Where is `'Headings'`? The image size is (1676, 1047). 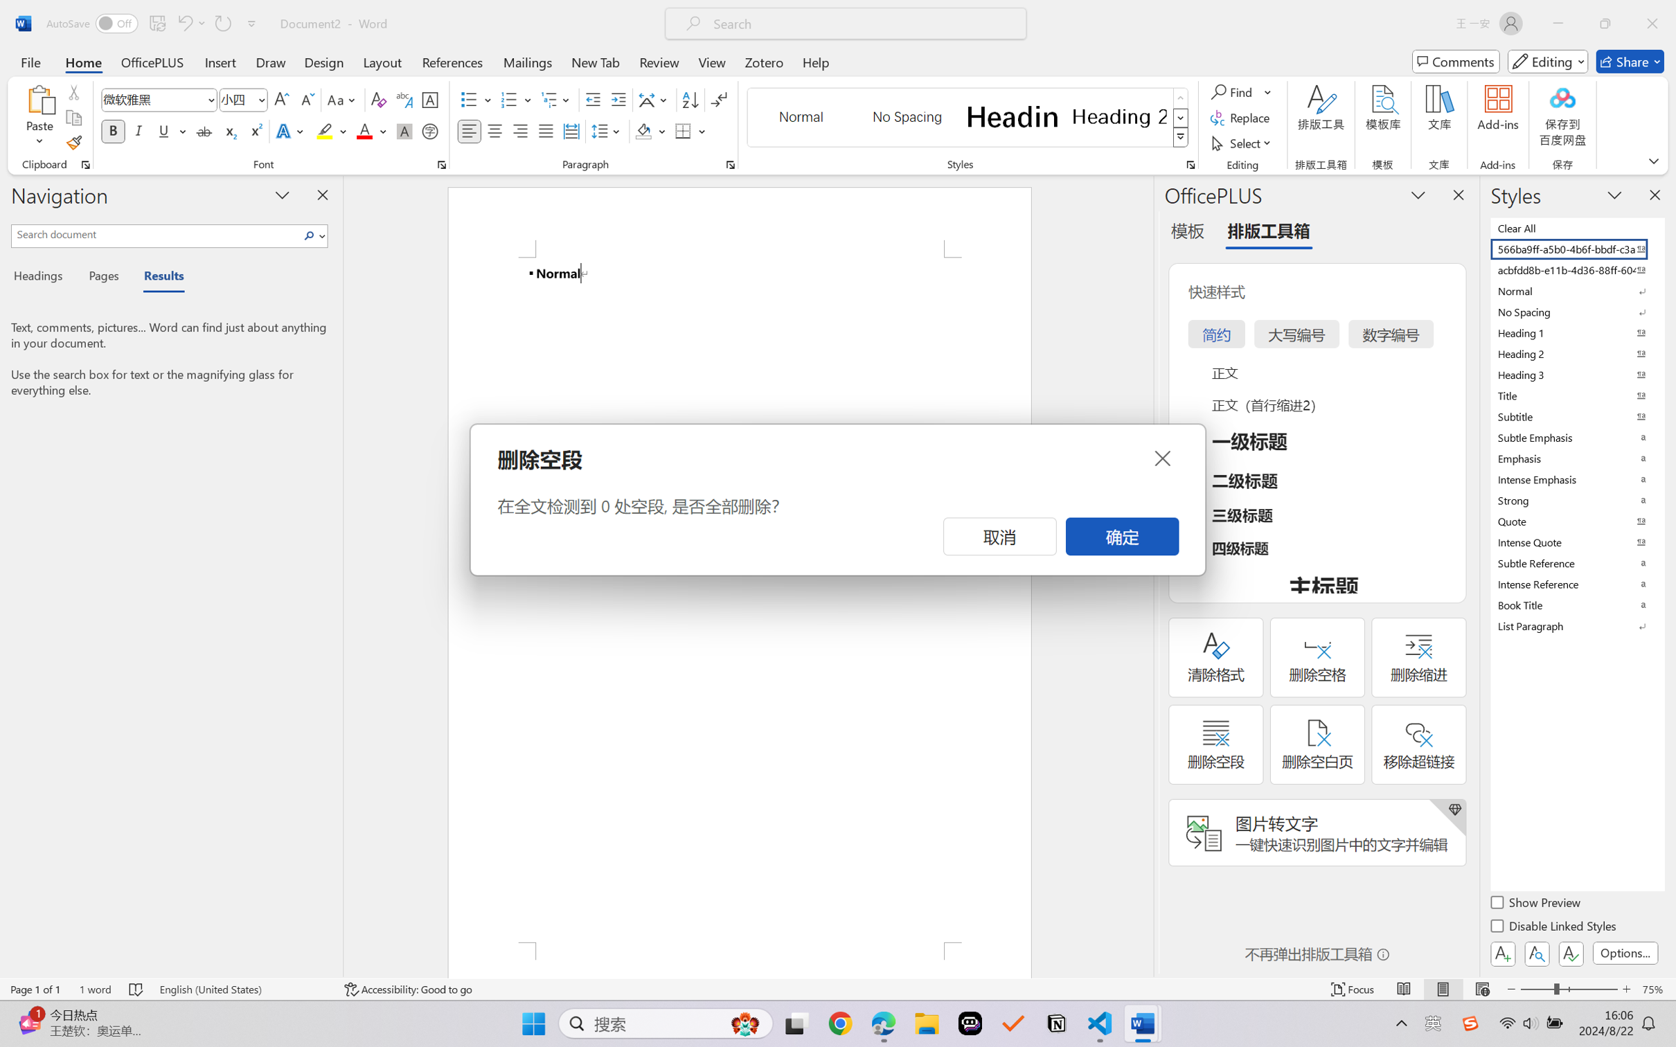 'Headings' is located at coordinates (42, 278).